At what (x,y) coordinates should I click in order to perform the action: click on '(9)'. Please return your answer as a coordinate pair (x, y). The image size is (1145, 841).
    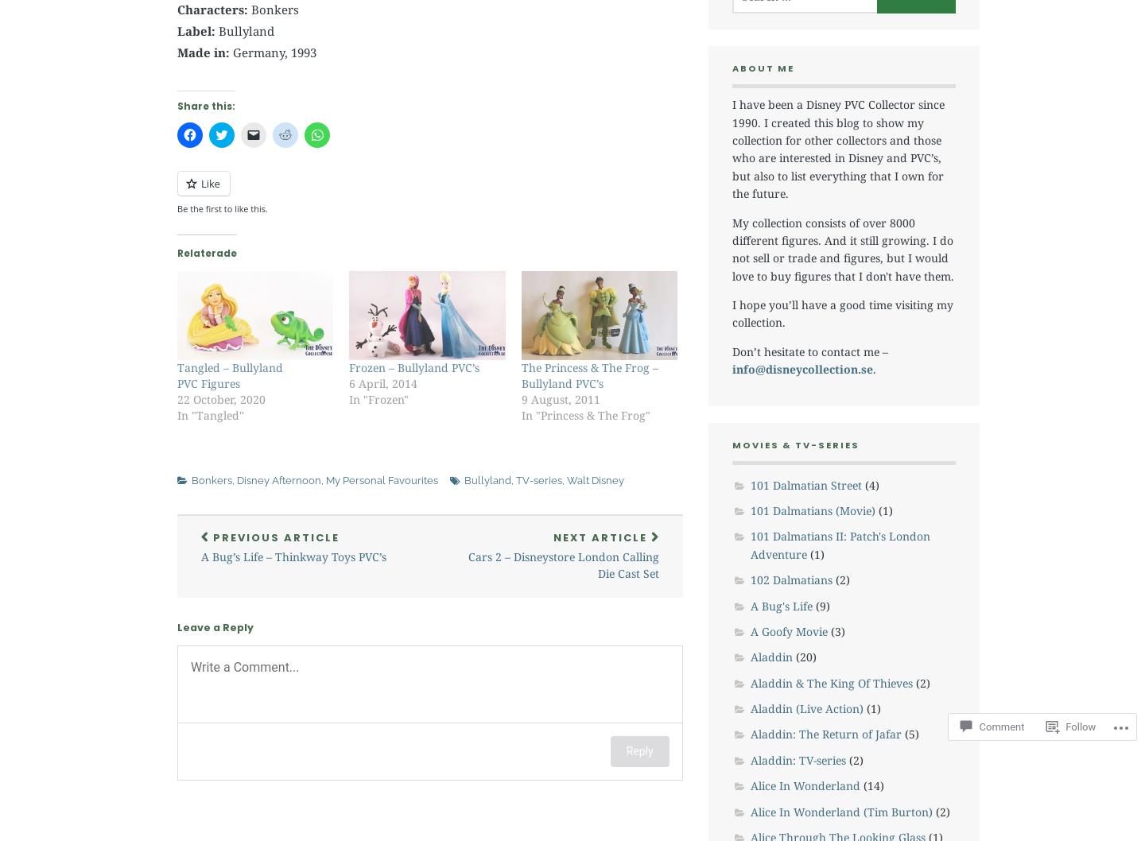
    Looking at the image, I should click on (821, 605).